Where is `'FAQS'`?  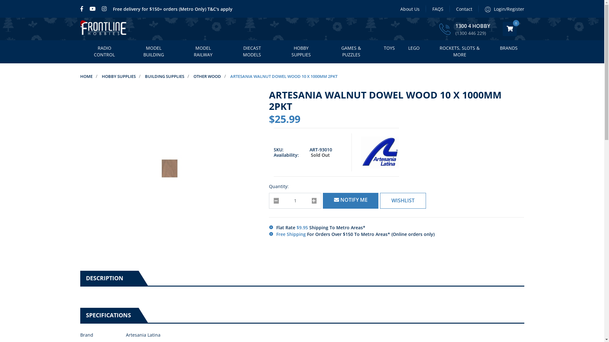
'FAQS' is located at coordinates (437, 9).